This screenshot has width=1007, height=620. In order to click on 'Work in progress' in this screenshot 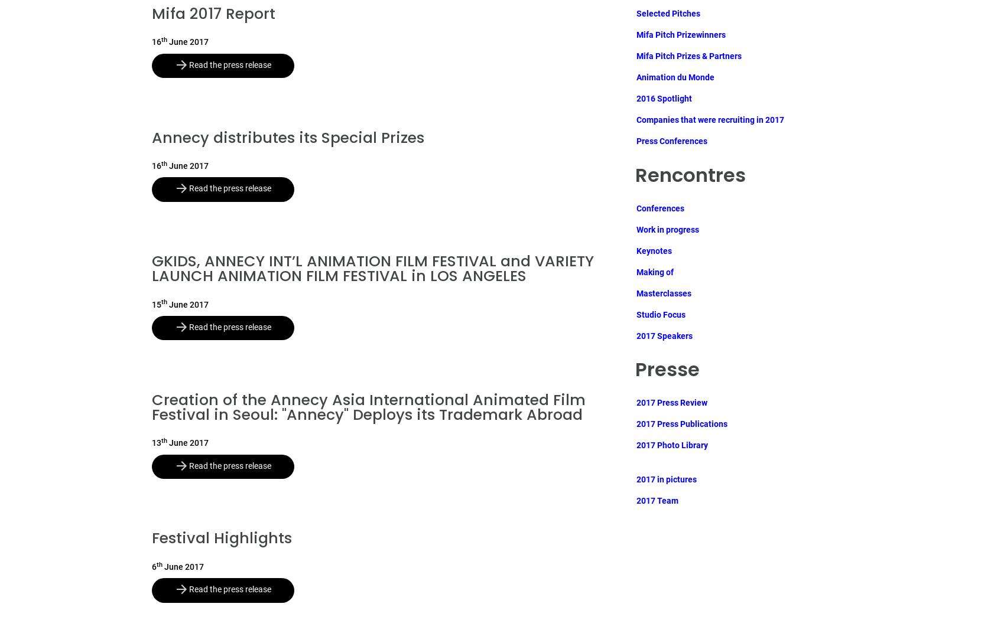, I will do `click(635, 229)`.